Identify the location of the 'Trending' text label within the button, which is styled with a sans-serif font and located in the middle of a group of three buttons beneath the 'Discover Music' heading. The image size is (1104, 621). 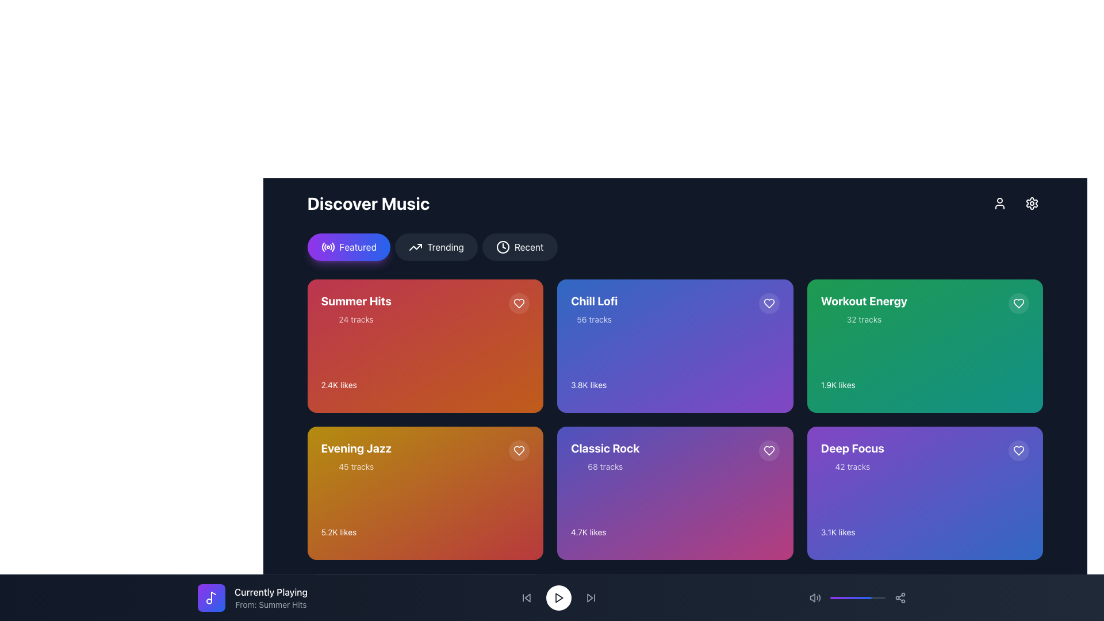
(444, 246).